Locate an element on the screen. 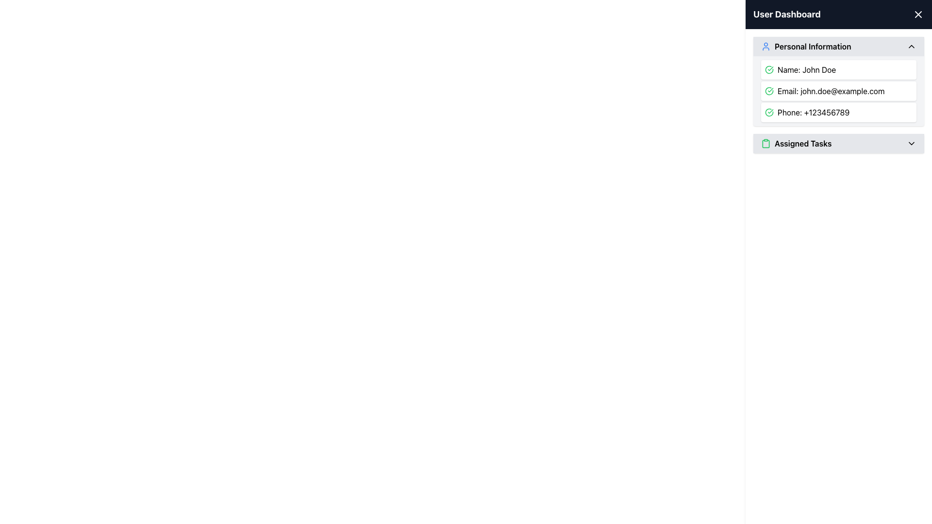 The height and width of the screenshot is (524, 932). the Header with the green clipboard icon and bold text 'Assigned Tasks', which is located in the middle section of the right panel, just below the 'Personal Information' section is located at coordinates (796, 144).